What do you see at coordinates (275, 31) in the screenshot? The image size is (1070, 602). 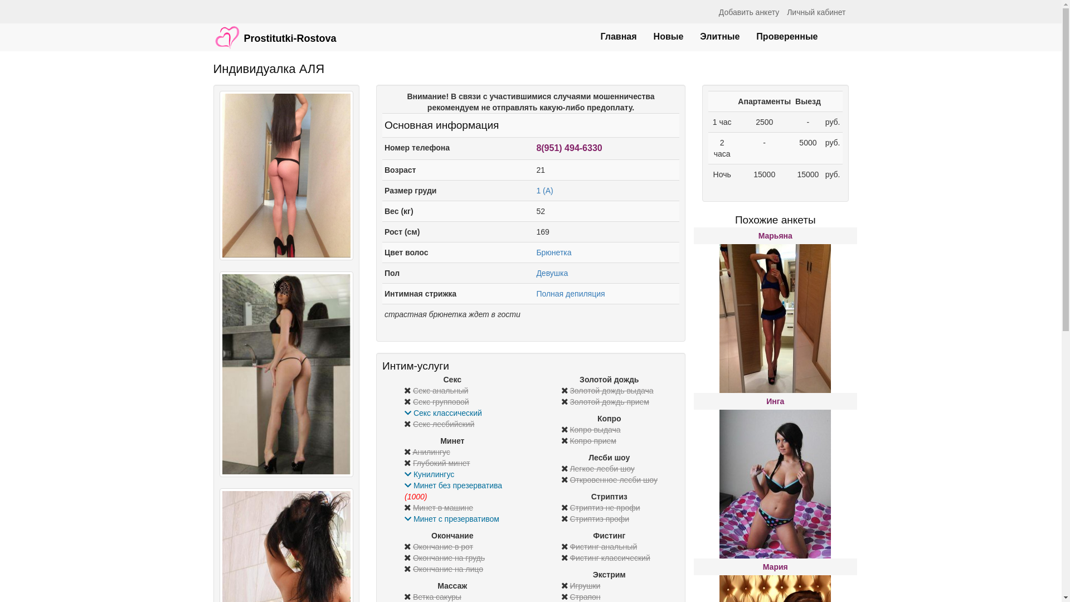 I see `'Prostitutki-Rostova'` at bounding box center [275, 31].